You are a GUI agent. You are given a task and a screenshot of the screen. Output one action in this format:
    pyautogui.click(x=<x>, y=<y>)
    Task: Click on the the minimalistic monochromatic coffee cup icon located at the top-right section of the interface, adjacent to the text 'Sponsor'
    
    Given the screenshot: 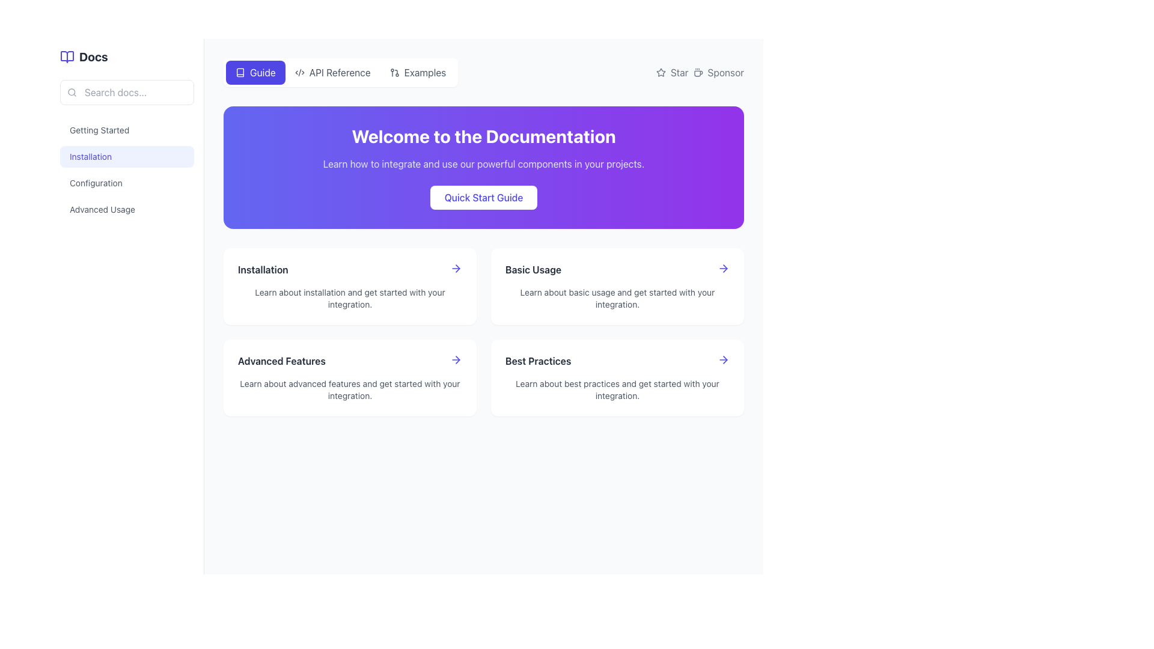 What is the action you would take?
    pyautogui.click(x=698, y=72)
    